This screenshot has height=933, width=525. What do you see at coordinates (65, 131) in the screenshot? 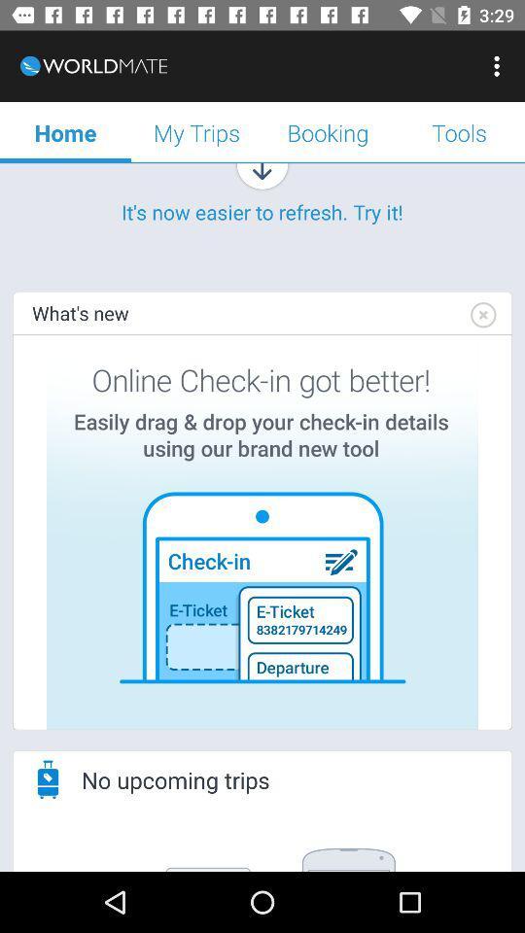
I see `app to the left of my trips app` at bounding box center [65, 131].